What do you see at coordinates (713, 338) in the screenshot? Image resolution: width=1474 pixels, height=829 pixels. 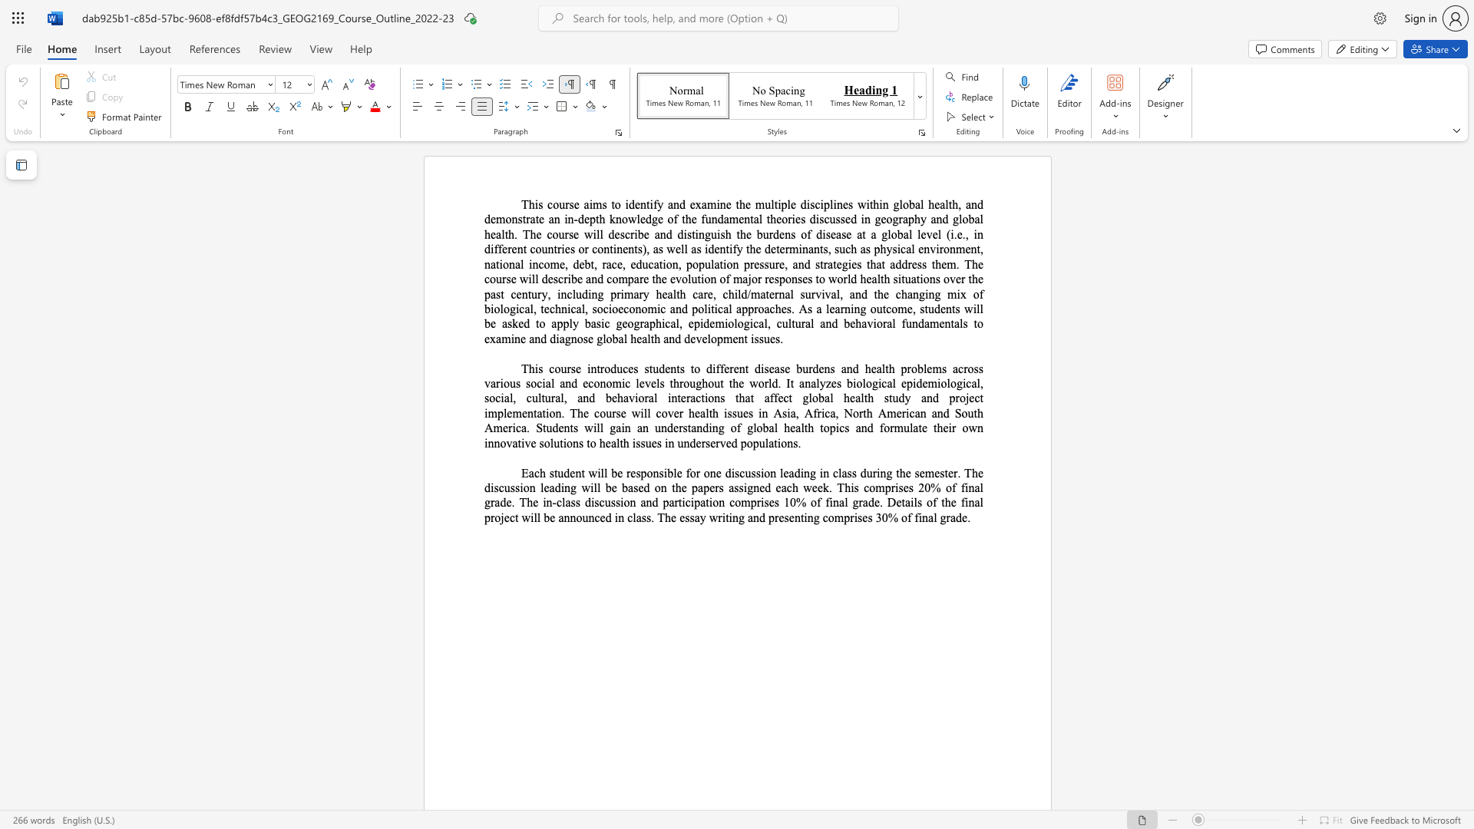 I see `the 8th character "o" in the text` at bounding box center [713, 338].